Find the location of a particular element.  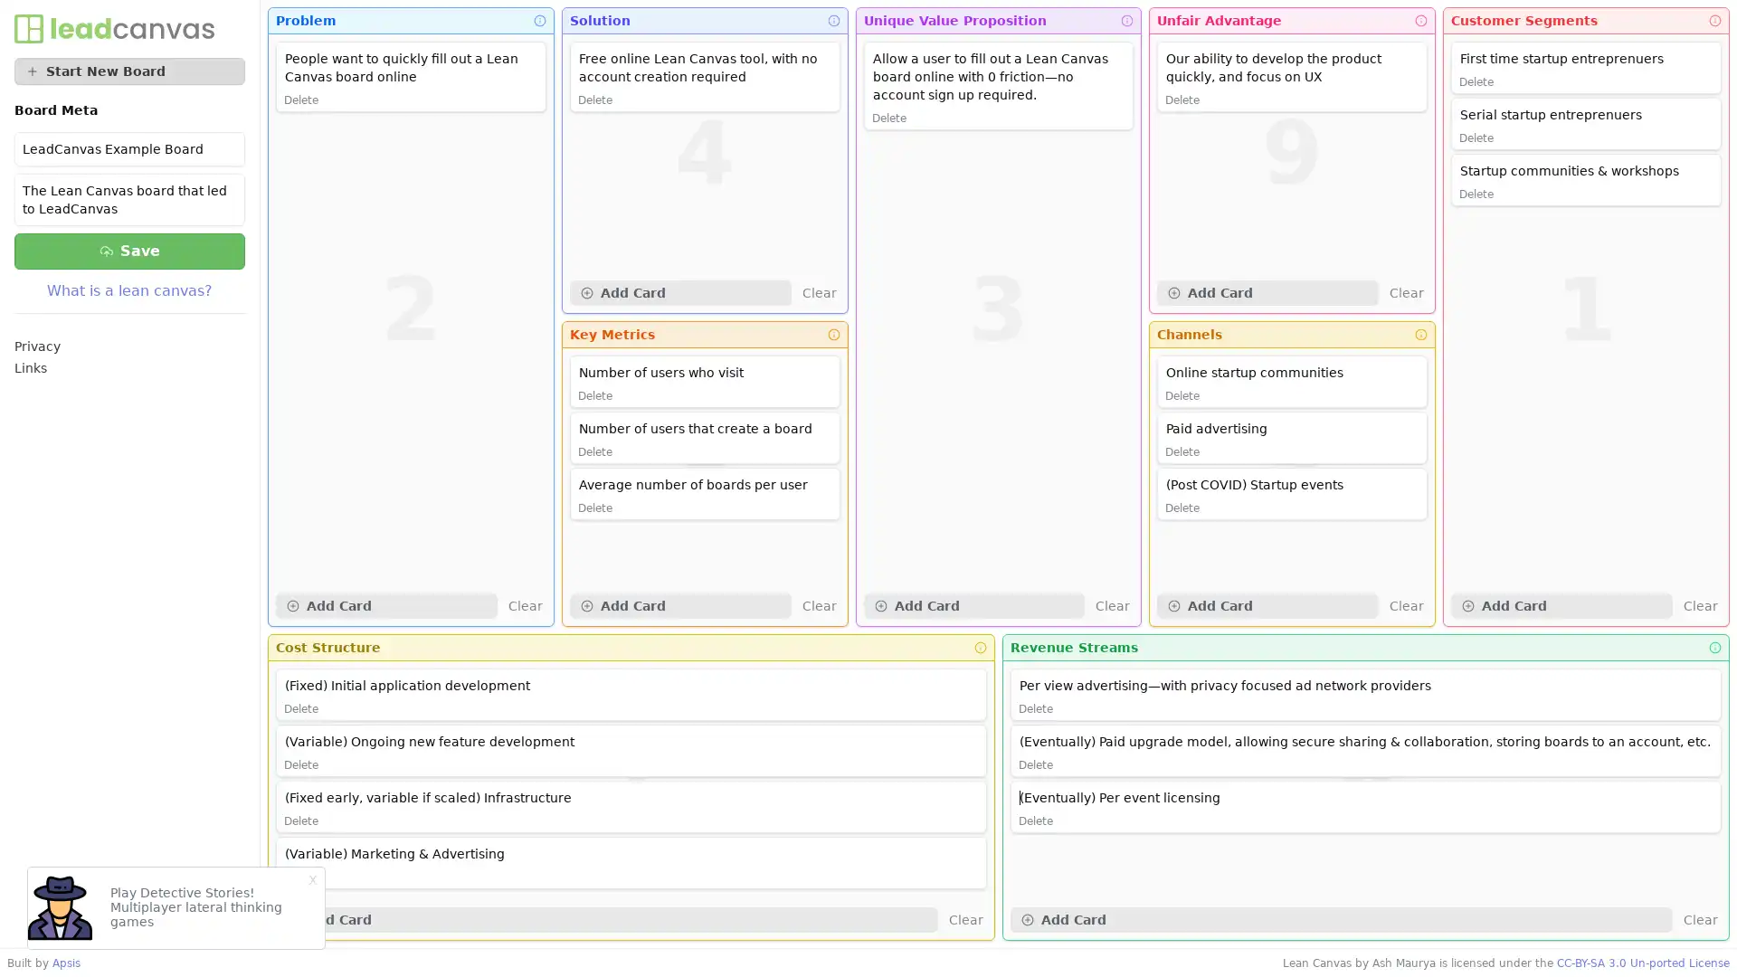

Delete is located at coordinates (594, 507).